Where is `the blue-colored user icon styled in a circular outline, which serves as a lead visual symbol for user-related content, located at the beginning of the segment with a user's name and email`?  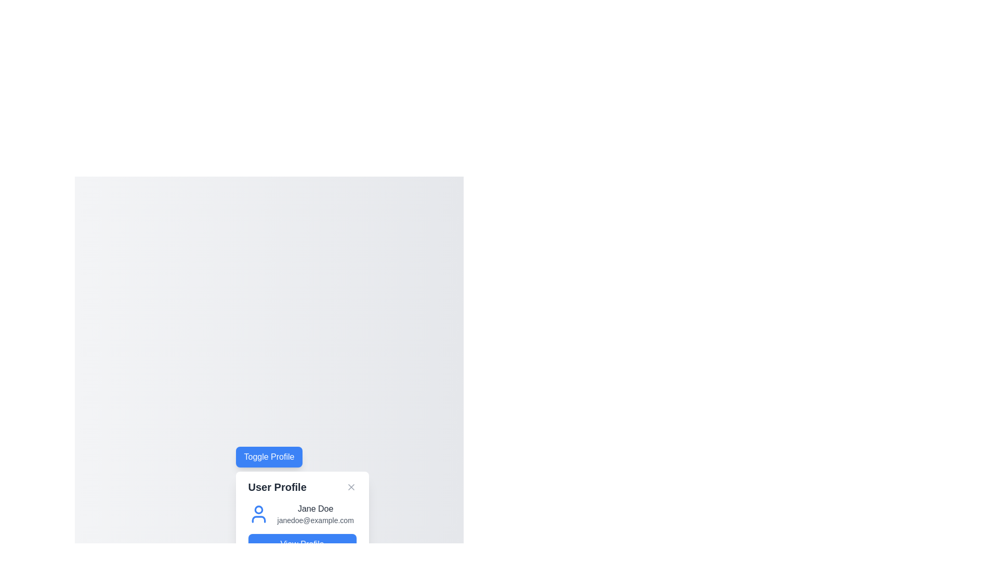 the blue-colored user icon styled in a circular outline, which serves as a lead visual symbol for user-related content, located at the beginning of the segment with a user's name and email is located at coordinates (258, 514).